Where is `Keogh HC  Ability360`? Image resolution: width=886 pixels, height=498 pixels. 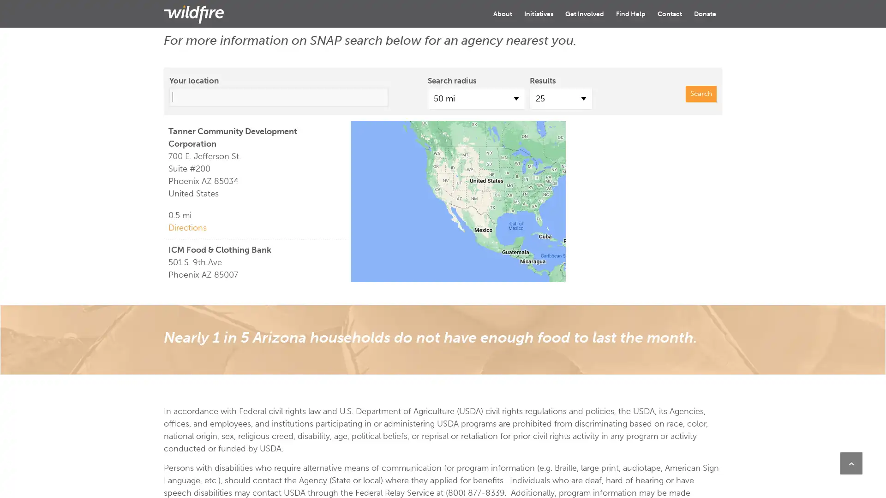
Keogh HC  Ability360 is located at coordinates (538, 195).